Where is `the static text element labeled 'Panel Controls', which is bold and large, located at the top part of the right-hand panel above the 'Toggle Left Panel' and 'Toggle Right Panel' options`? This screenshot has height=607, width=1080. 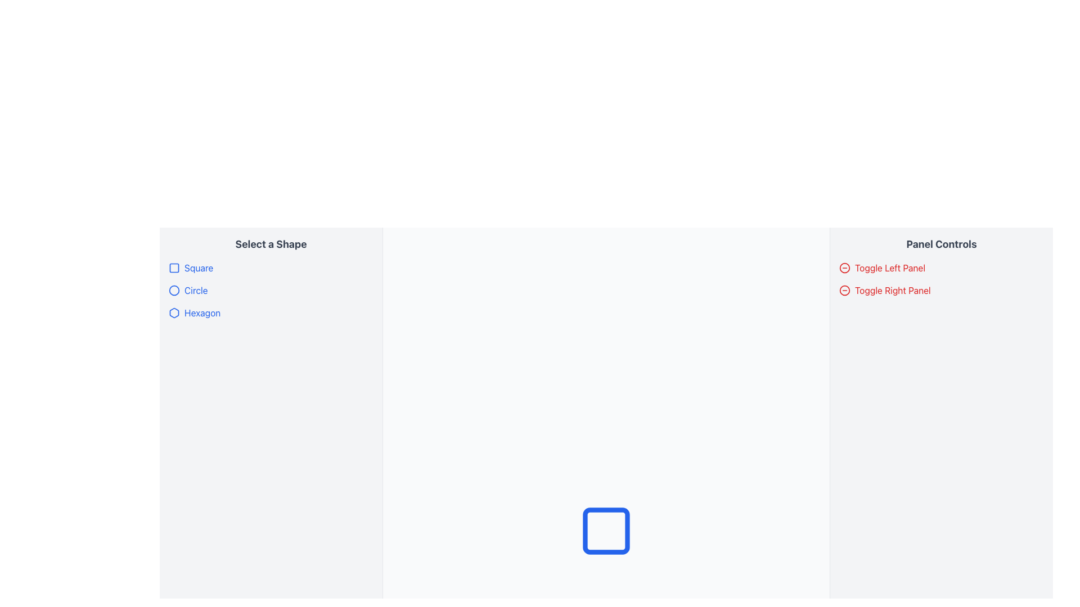
the static text element labeled 'Panel Controls', which is bold and large, located at the top part of the right-hand panel above the 'Toggle Left Panel' and 'Toggle Right Panel' options is located at coordinates (942, 244).